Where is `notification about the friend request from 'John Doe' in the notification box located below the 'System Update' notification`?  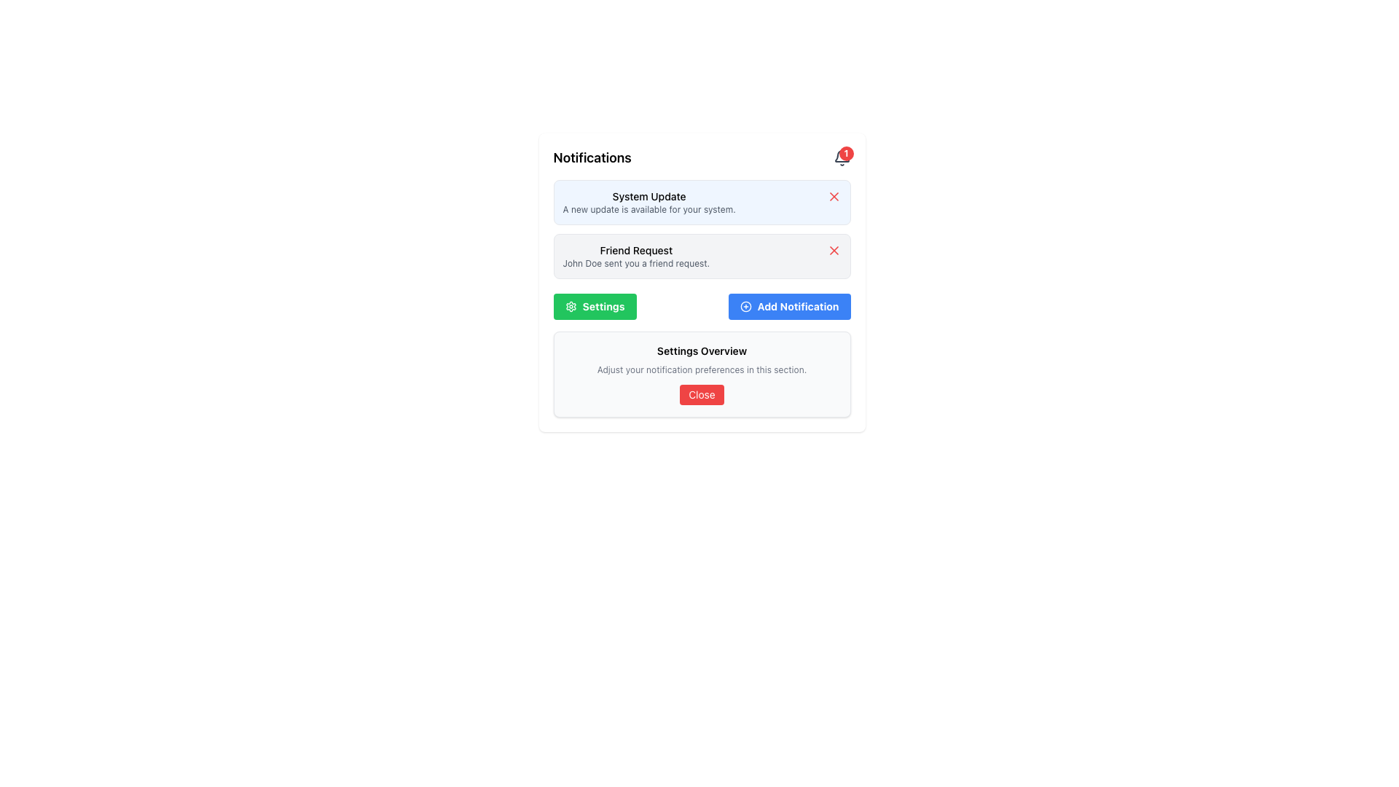 notification about the friend request from 'John Doe' in the notification box located below the 'System Update' notification is located at coordinates (702, 255).